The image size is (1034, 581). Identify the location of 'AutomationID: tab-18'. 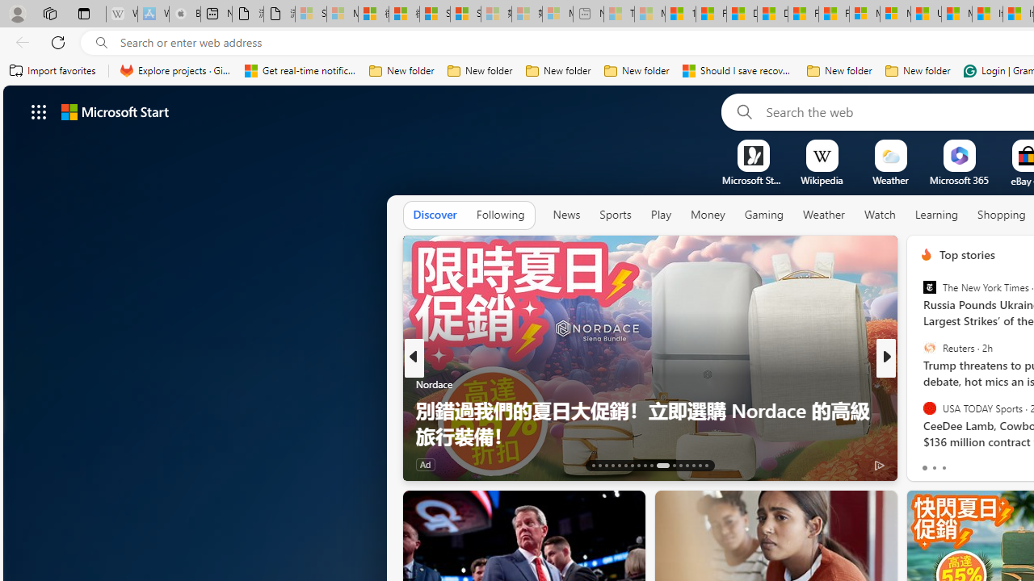
(625, 466).